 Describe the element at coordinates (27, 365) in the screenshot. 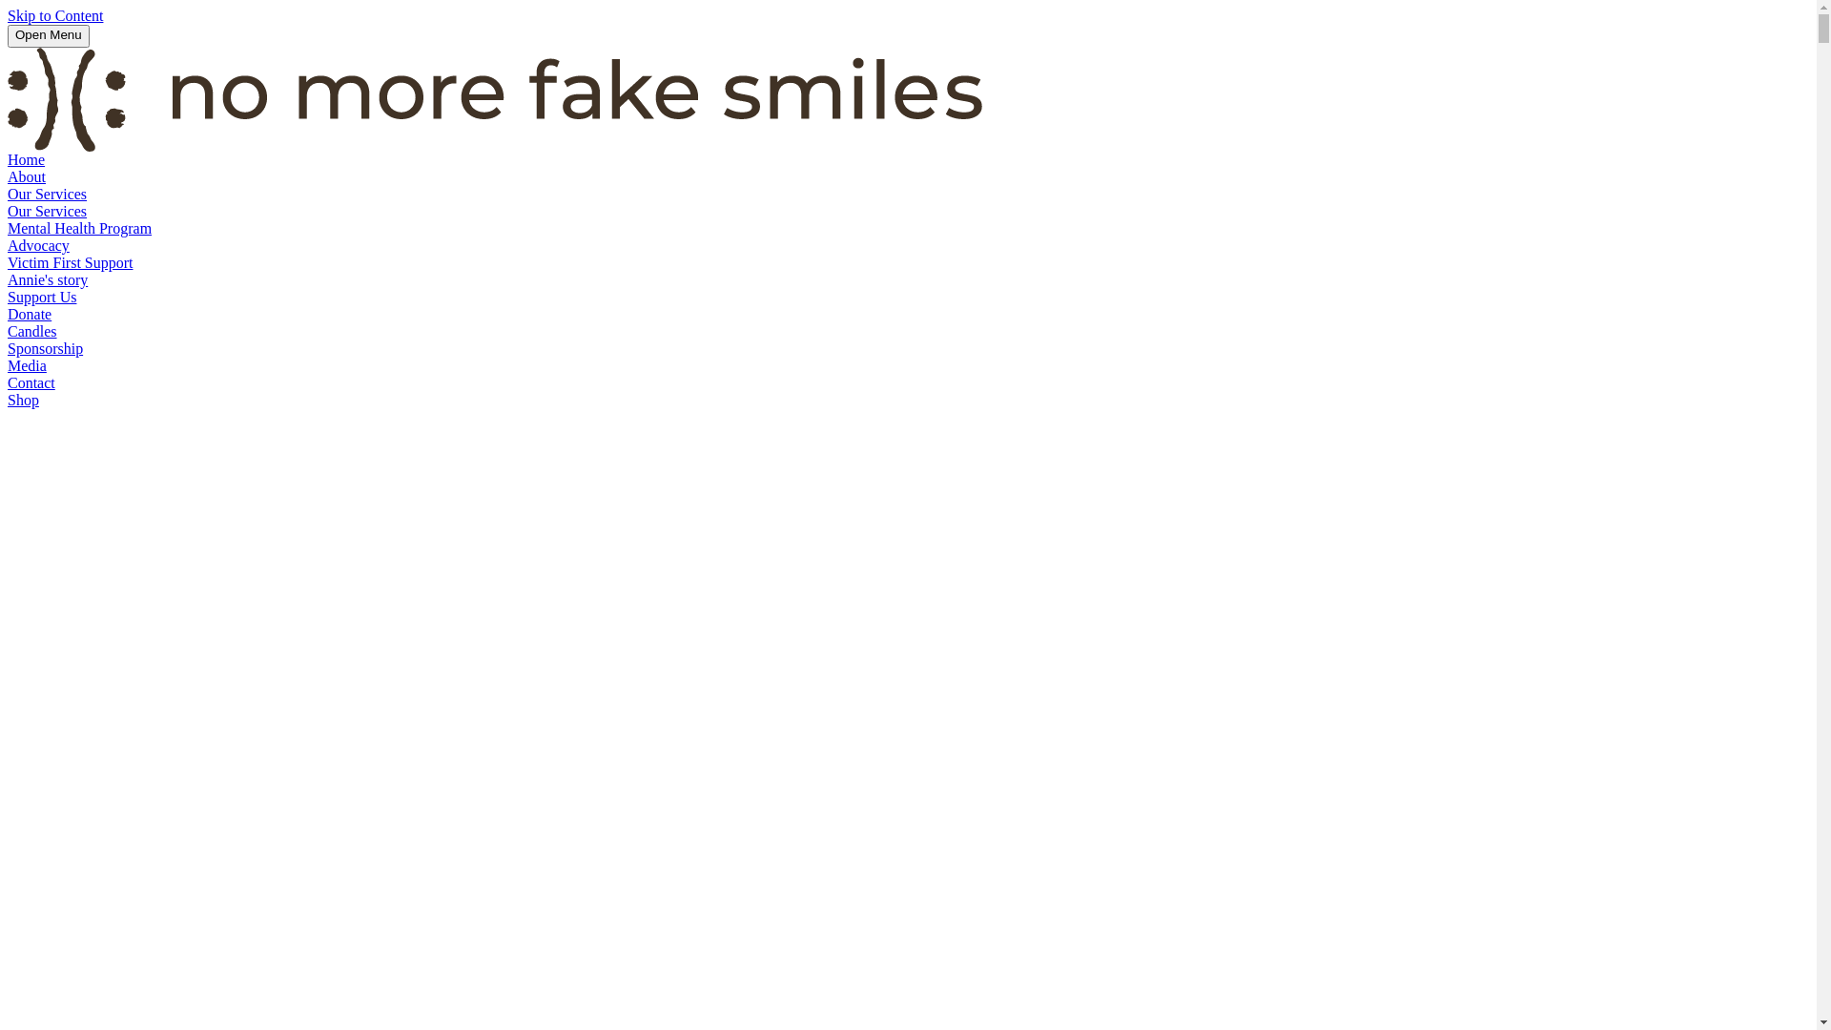

I see `'Media'` at that location.